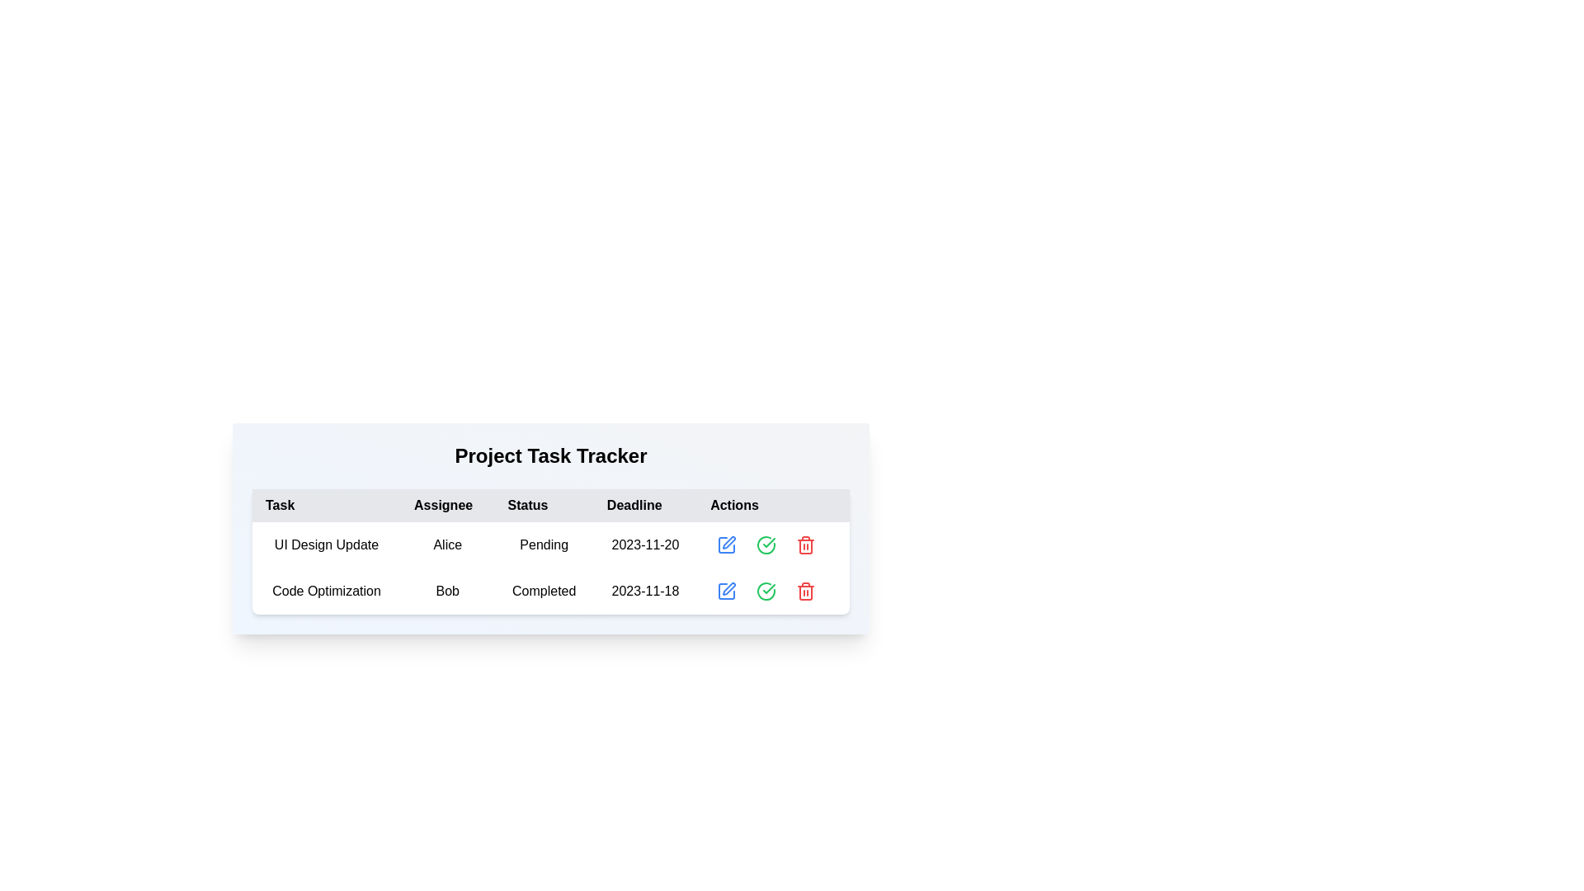  I want to click on the checkmark icon in the 'Actions' column for the row labeled 'Code Optimization', so click(768, 543).